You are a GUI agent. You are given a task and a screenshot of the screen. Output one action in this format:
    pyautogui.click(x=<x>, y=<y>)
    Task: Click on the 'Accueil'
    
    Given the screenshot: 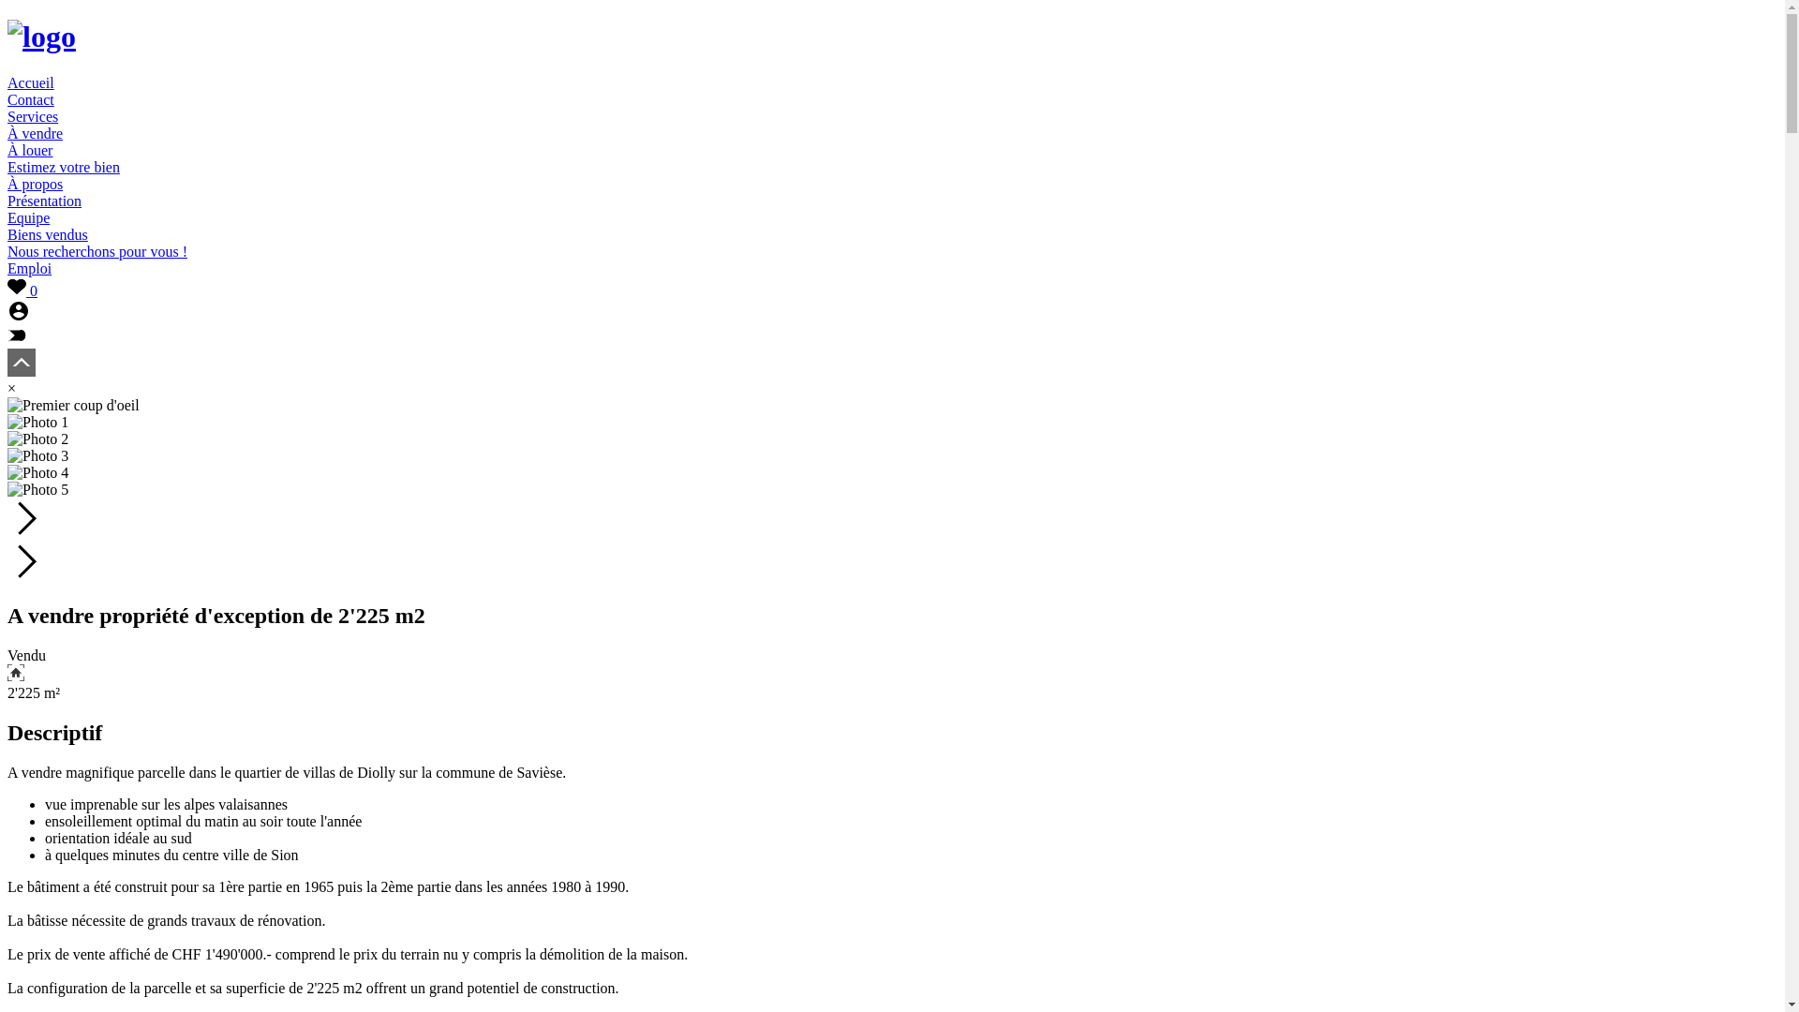 What is the action you would take?
    pyautogui.click(x=31, y=82)
    